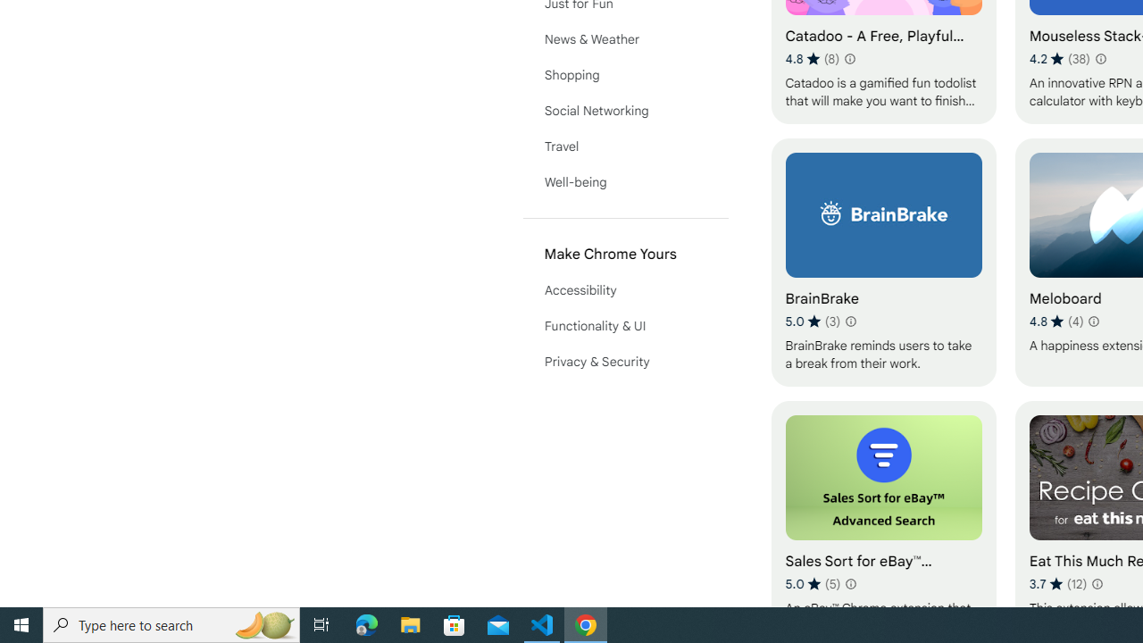 This screenshot has height=643, width=1143. I want to click on 'Functionality & UI', so click(625, 326).